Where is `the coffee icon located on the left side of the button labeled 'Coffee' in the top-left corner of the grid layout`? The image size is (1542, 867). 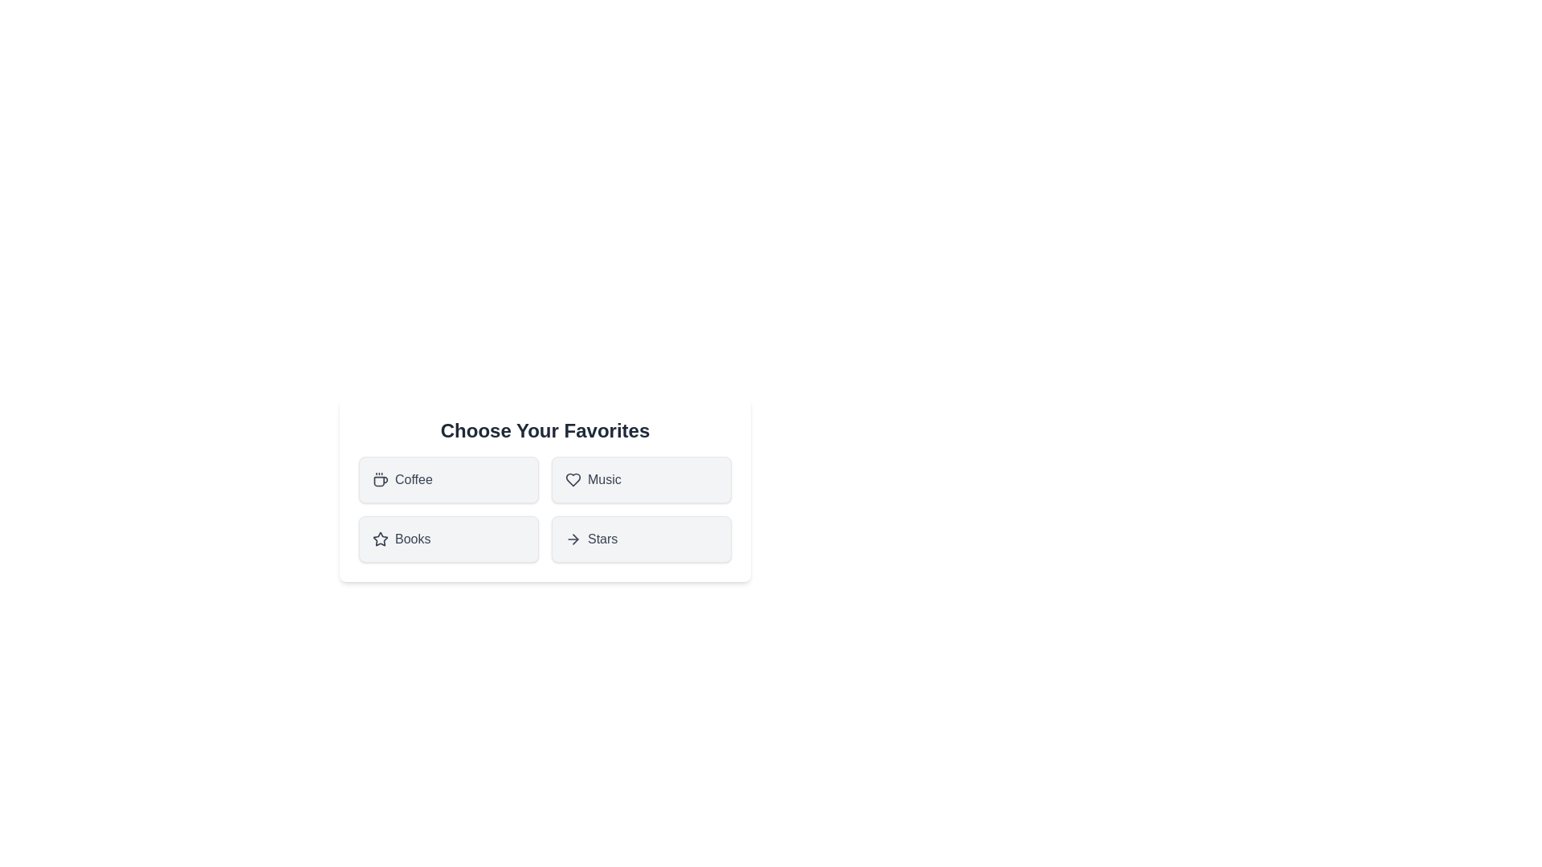 the coffee icon located on the left side of the button labeled 'Coffee' in the top-left corner of the grid layout is located at coordinates (380, 478).